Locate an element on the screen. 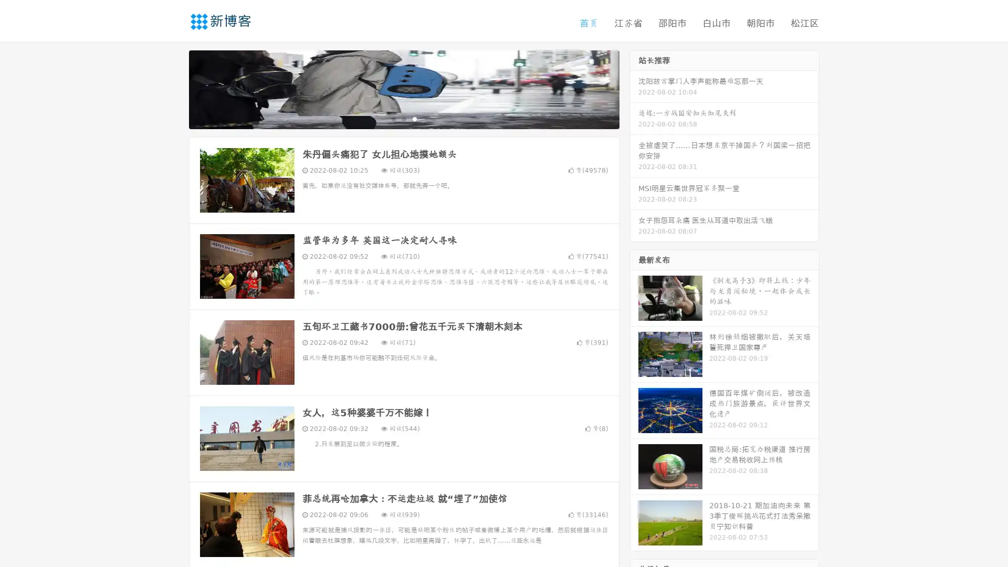  Go to slide 2 is located at coordinates (403, 118).